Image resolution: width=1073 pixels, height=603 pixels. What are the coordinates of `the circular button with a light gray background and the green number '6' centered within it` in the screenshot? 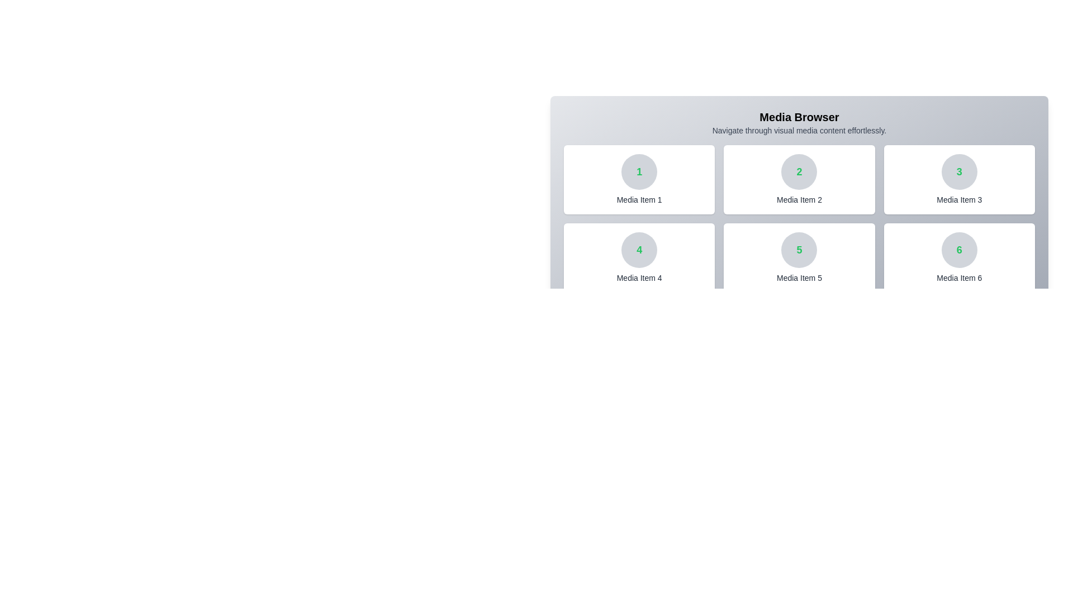 It's located at (958, 249).